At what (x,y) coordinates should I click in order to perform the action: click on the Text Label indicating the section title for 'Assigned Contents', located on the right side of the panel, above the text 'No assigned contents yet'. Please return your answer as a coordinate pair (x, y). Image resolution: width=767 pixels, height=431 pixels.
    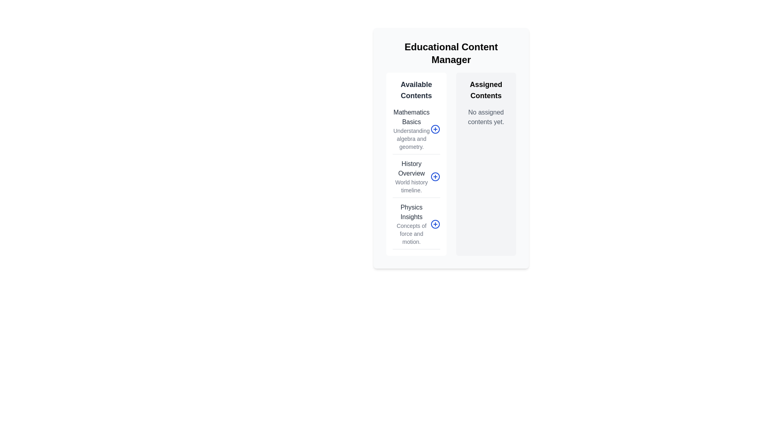
    Looking at the image, I should click on (485, 90).